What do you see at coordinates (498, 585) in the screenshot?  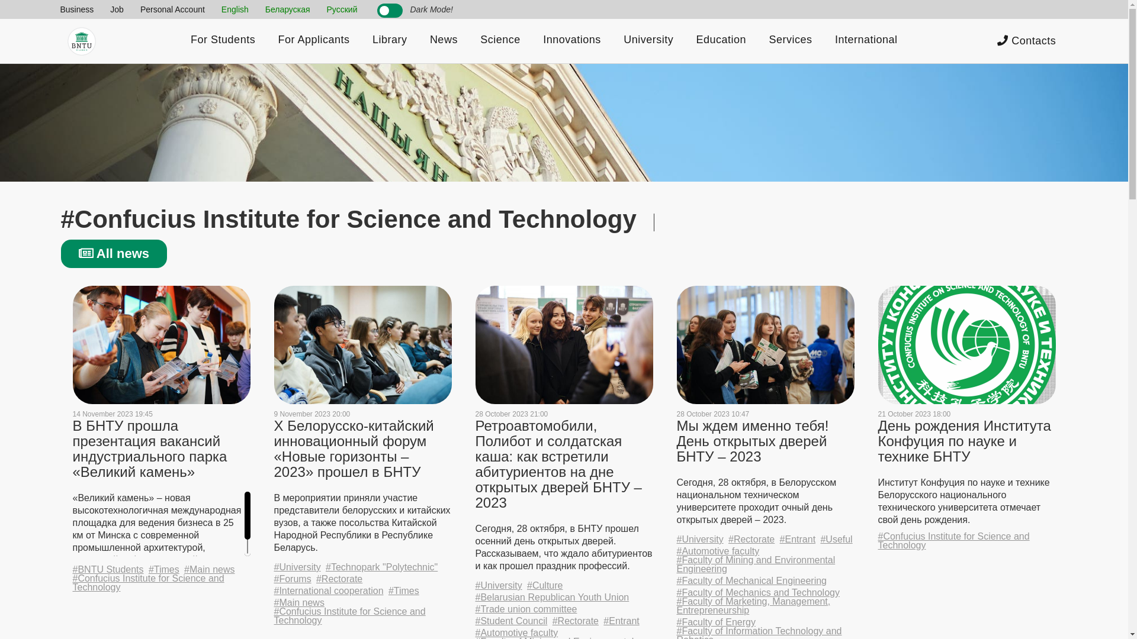 I see `'#University'` at bounding box center [498, 585].